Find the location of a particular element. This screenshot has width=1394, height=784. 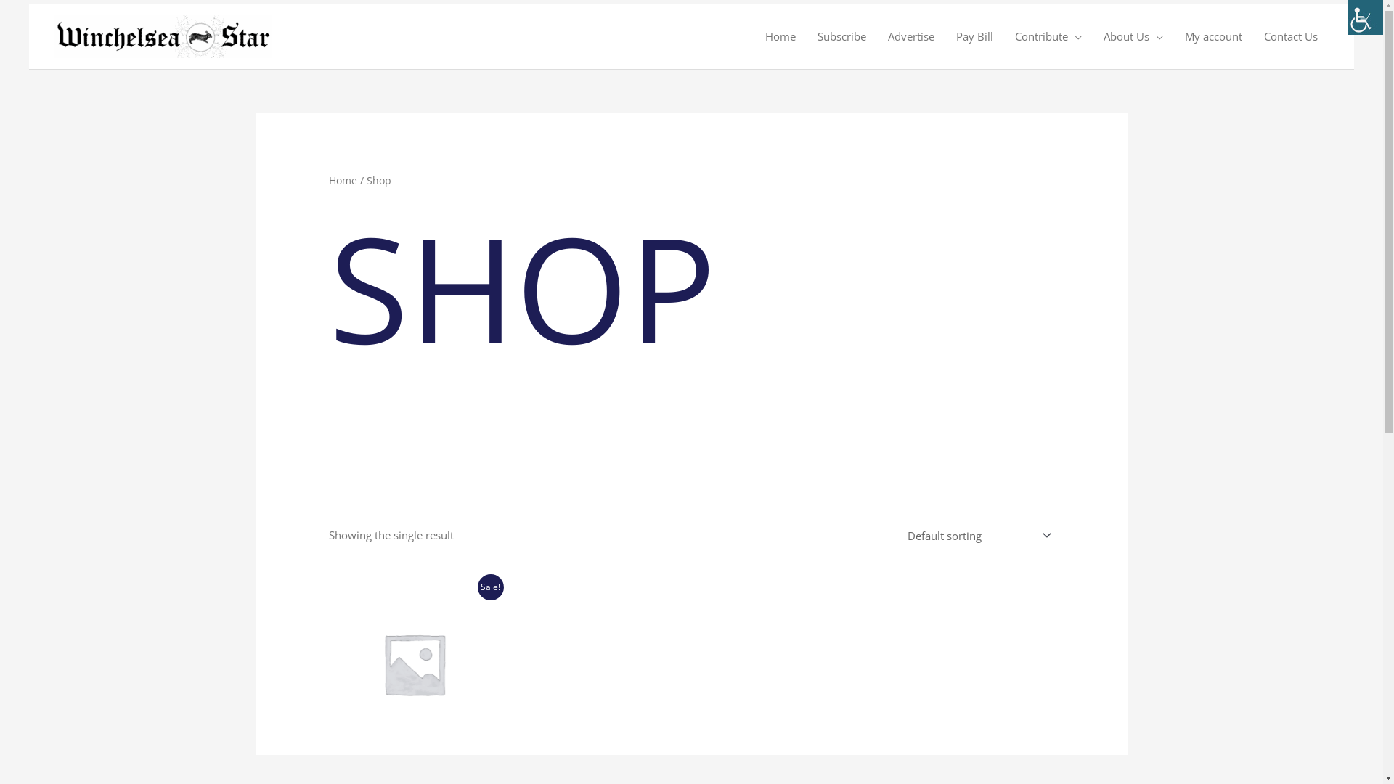

'About Us' is located at coordinates (1132, 36).